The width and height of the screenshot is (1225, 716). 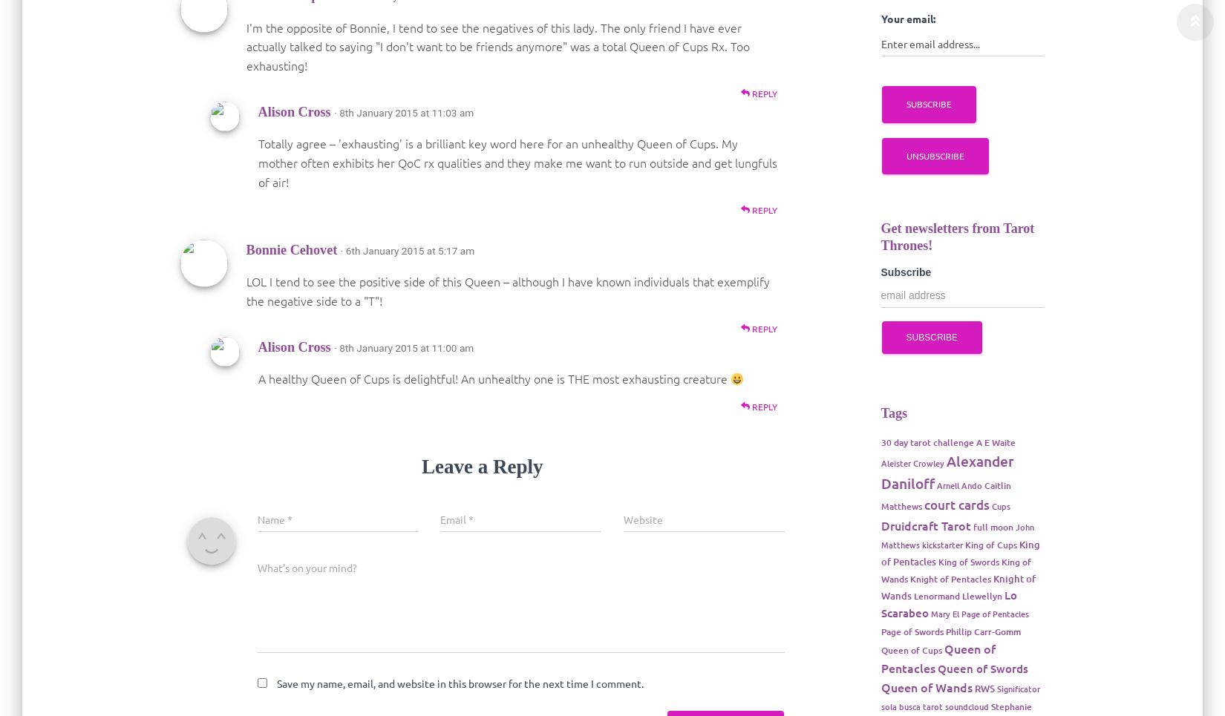 I want to click on '· 8th January 2015 at 11:03 am', so click(x=333, y=111).